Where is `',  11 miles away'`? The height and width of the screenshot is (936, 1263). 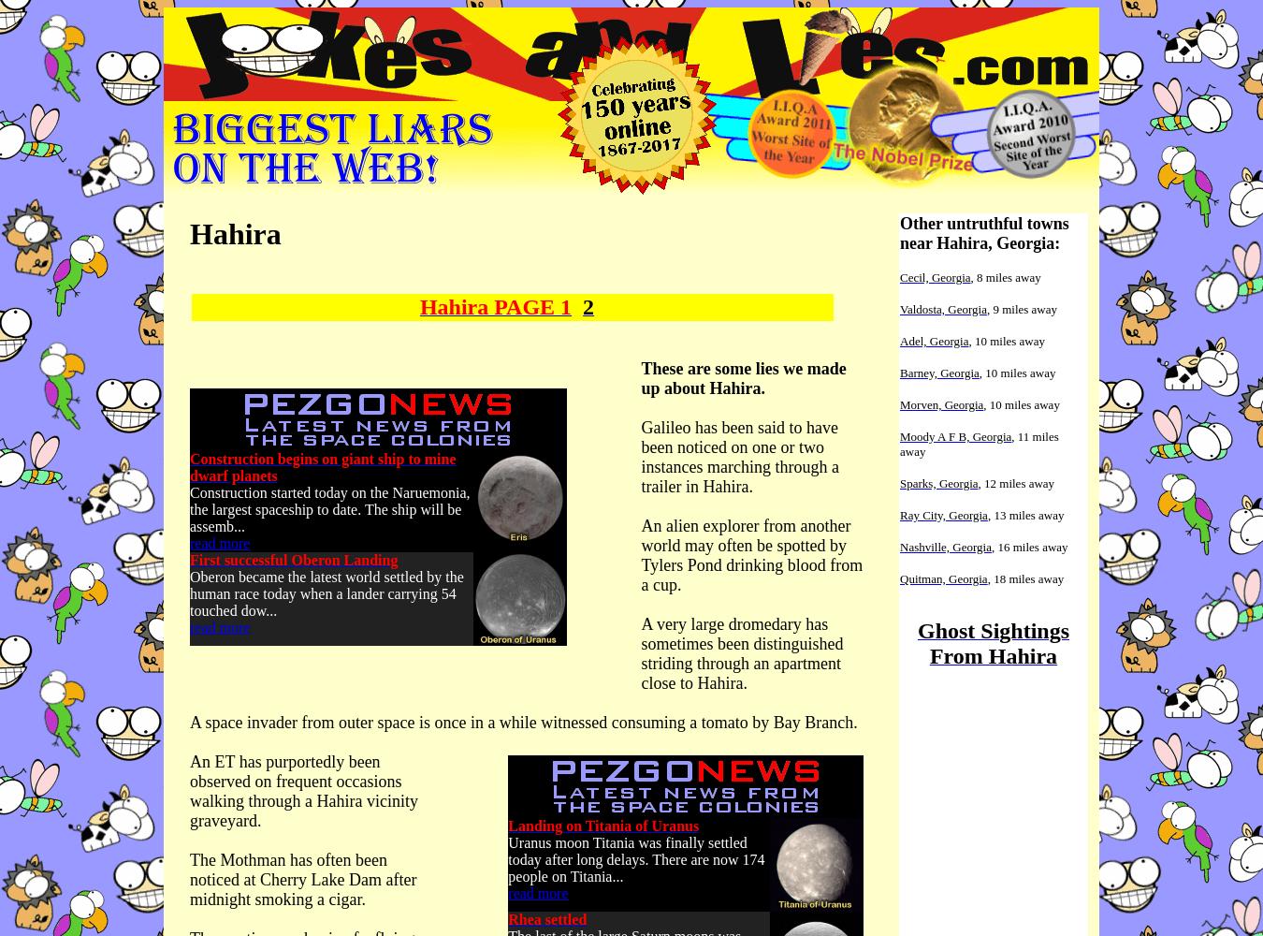
',  11 miles away' is located at coordinates (899, 443).